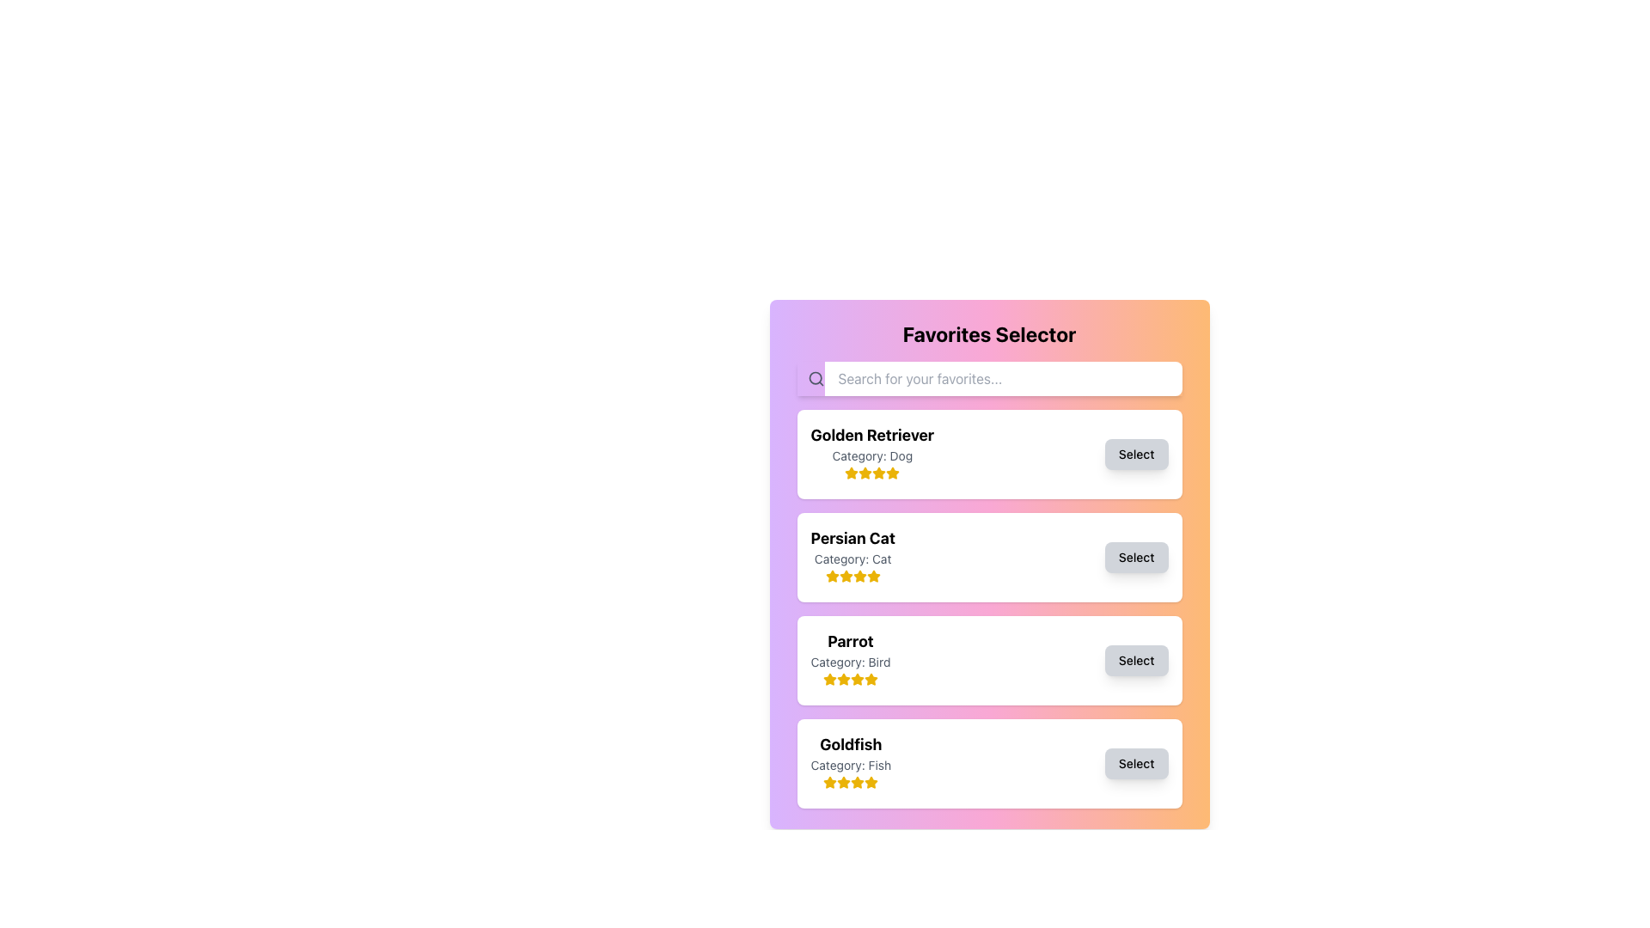 The image size is (1650, 928). I want to click on the first star icon of the 5-star rating system for the 'Goldfish' card located at the bottom-most section of the list, so click(830, 782).